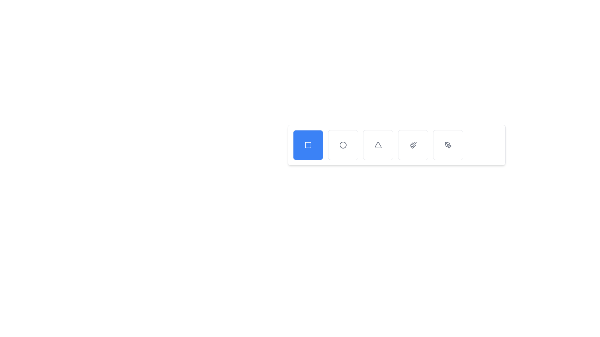 The width and height of the screenshot is (600, 337). Describe the element at coordinates (308, 145) in the screenshot. I see `the square icon with a black outline, which is embedded within the first blue button of a horizontally arranged group of buttons` at that location.